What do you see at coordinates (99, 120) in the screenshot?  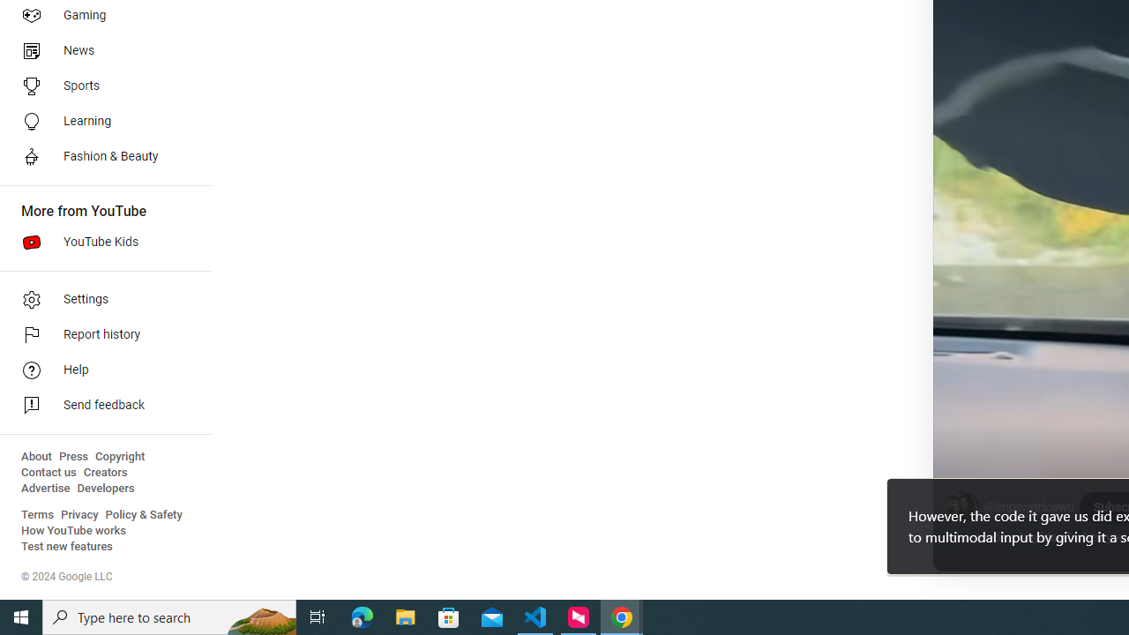 I see `'Learning'` at bounding box center [99, 120].